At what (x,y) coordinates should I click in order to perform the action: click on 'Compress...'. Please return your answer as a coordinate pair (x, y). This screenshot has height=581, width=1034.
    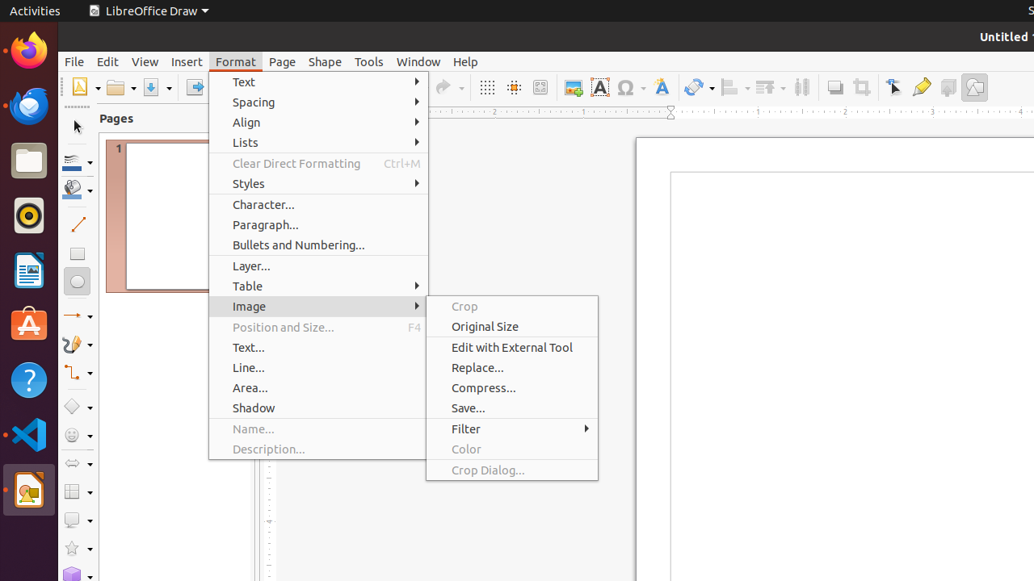
    Looking at the image, I should click on (511, 387).